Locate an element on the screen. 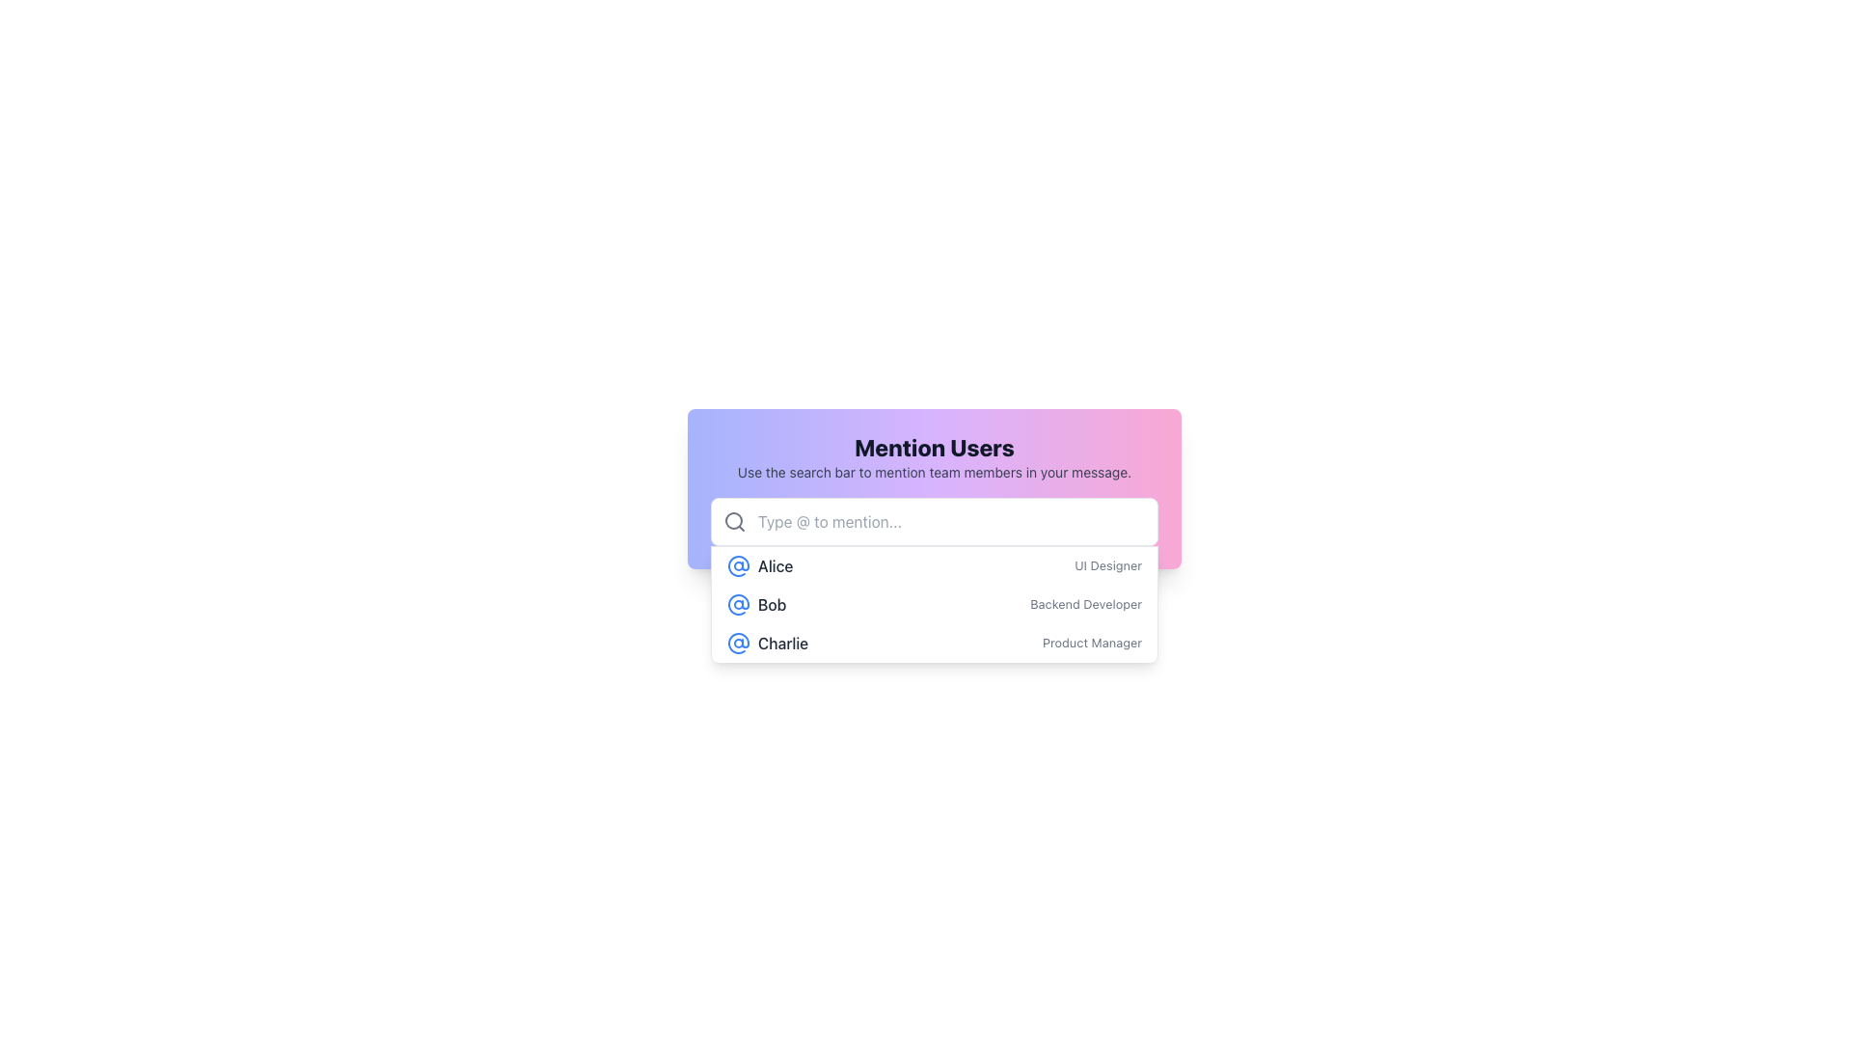 This screenshot has height=1042, width=1852. the text label displaying 'Charlie' is located at coordinates (782, 644).